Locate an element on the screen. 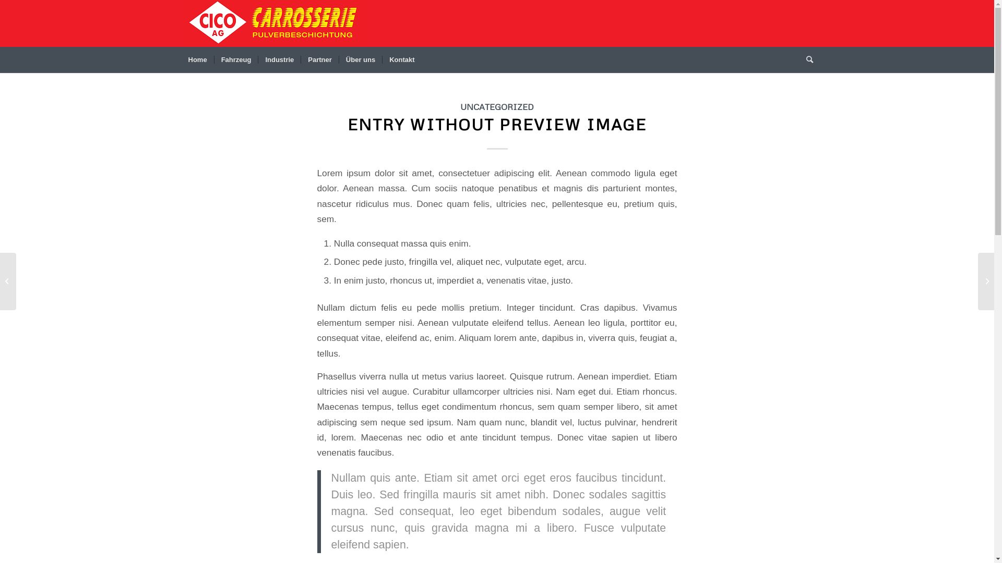  'UNCATEGORIZED' is located at coordinates (496, 106).